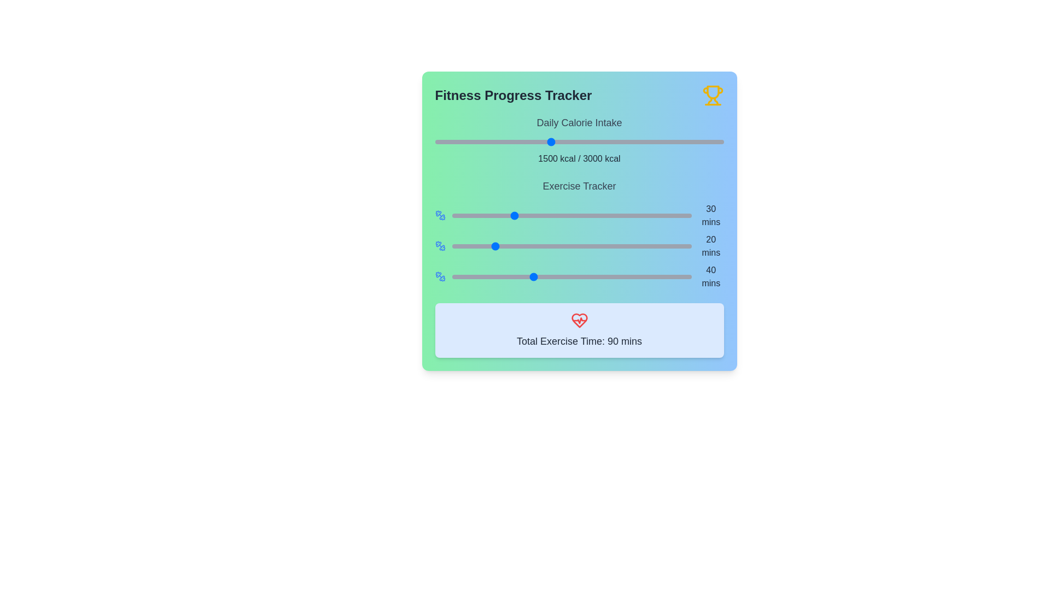  Describe the element at coordinates (498, 276) in the screenshot. I see `the exercise time` at that location.